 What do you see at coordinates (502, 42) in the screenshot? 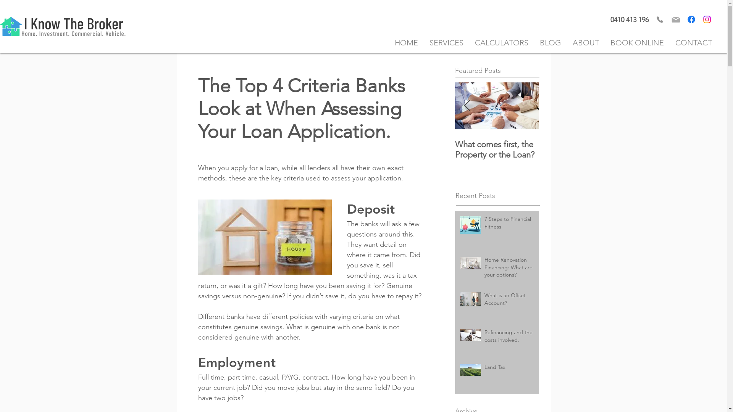
I see `'CALCULATORS'` at bounding box center [502, 42].